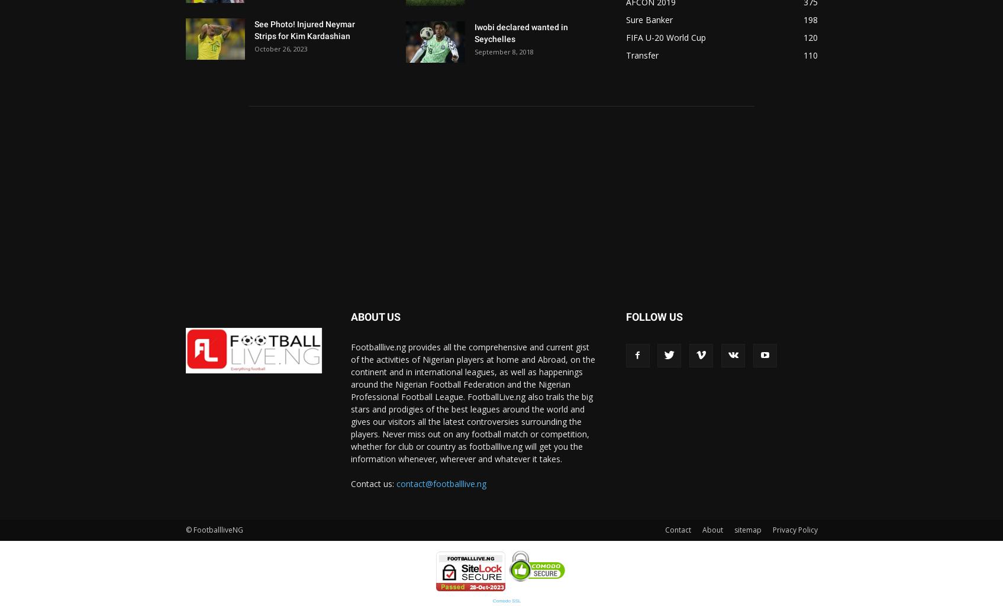 The height and width of the screenshot is (606, 1003). Describe the element at coordinates (213, 530) in the screenshot. I see `'© FootballliveNG'` at that location.